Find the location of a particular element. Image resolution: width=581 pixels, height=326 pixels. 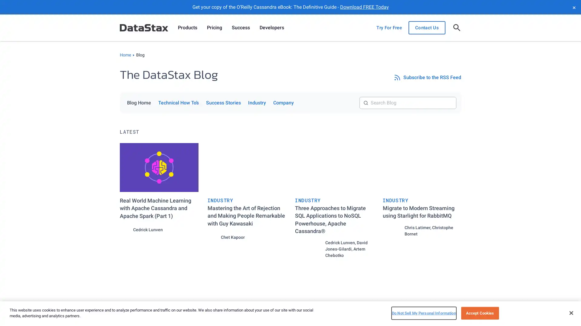

Do Not Sell My Personal Information is located at coordinates (423, 313).